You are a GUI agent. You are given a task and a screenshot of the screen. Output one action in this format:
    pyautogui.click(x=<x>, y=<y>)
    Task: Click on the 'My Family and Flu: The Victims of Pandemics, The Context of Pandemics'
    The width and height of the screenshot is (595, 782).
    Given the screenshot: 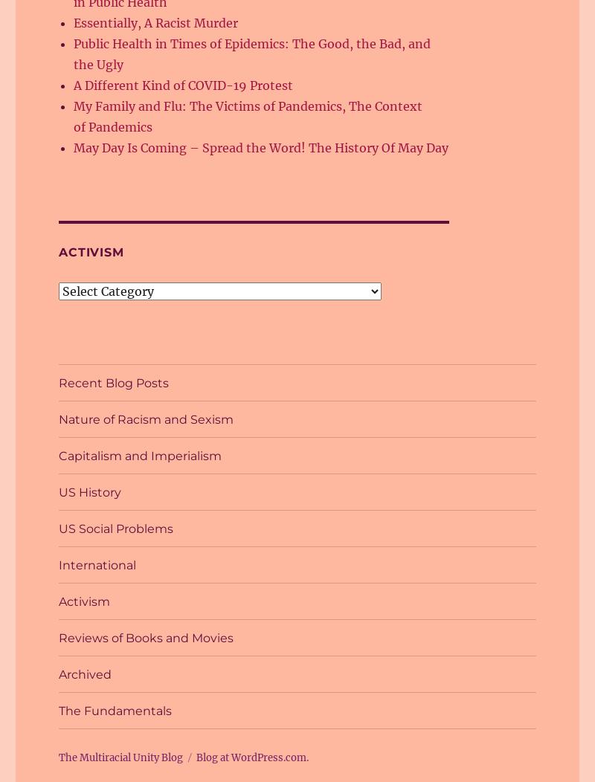 What is the action you would take?
    pyautogui.click(x=247, y=115)
    